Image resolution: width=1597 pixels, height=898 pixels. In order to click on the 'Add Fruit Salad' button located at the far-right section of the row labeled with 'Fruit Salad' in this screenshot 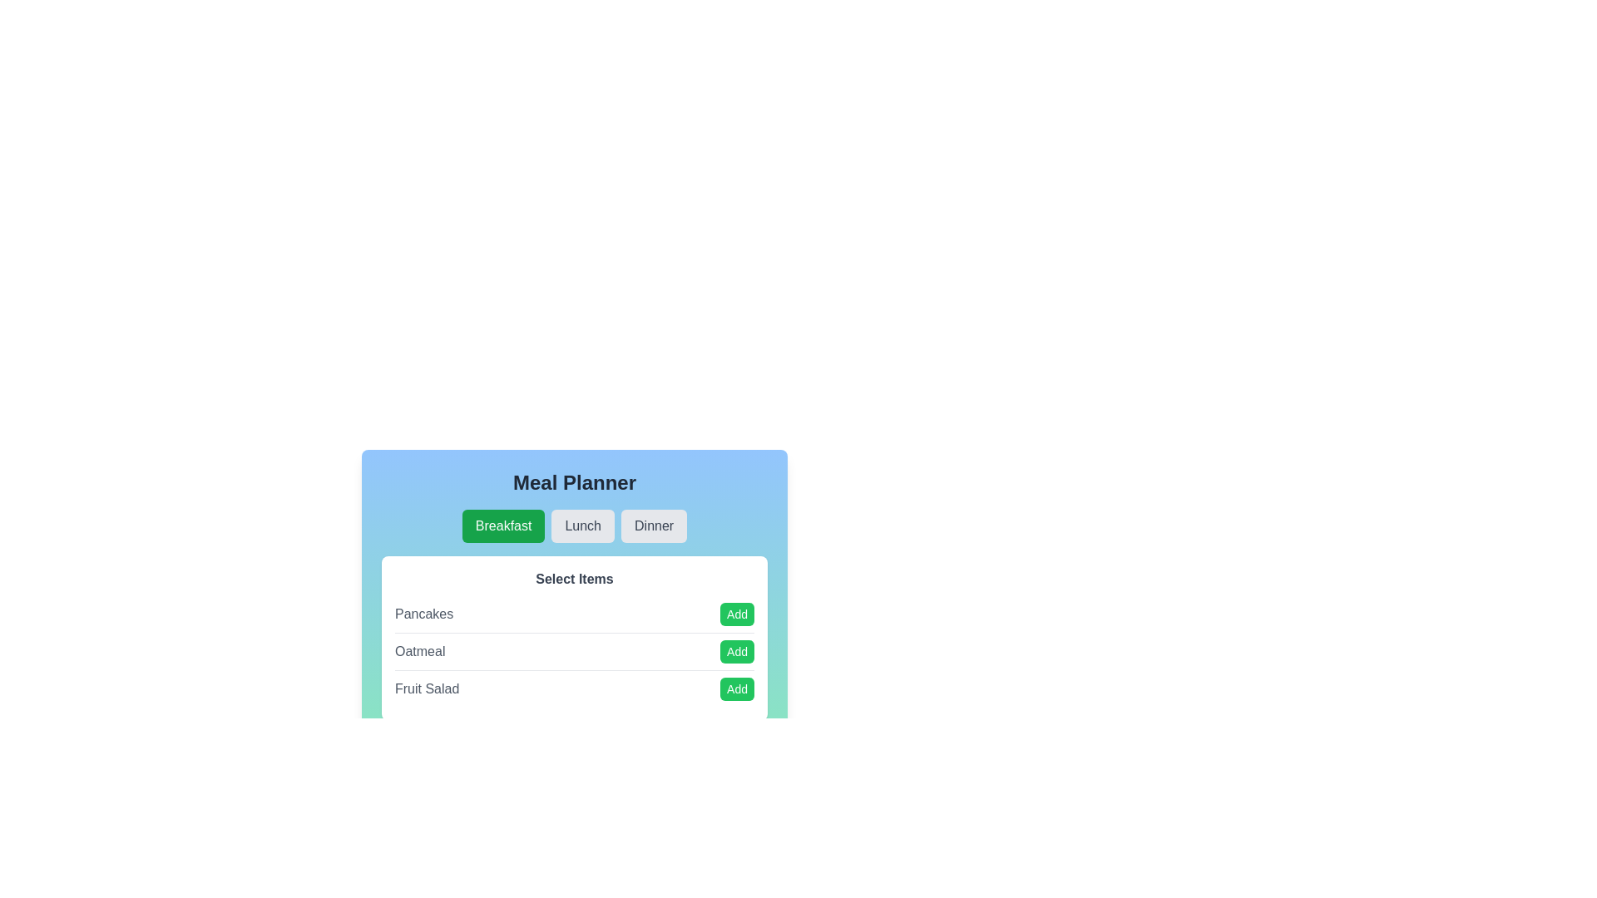, I will do `click(736, 689)`.